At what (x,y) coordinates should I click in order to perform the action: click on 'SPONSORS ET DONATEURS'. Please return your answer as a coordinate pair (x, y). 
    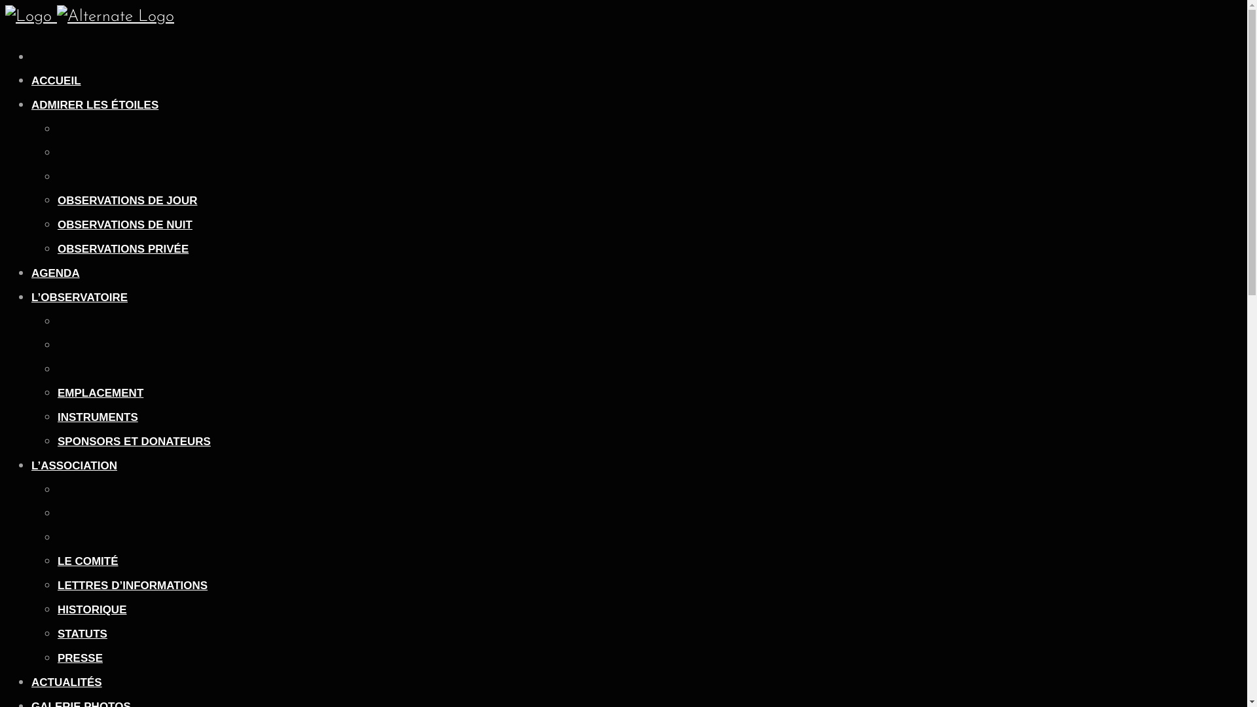
    Looking at the image, I should click on (134, 441).